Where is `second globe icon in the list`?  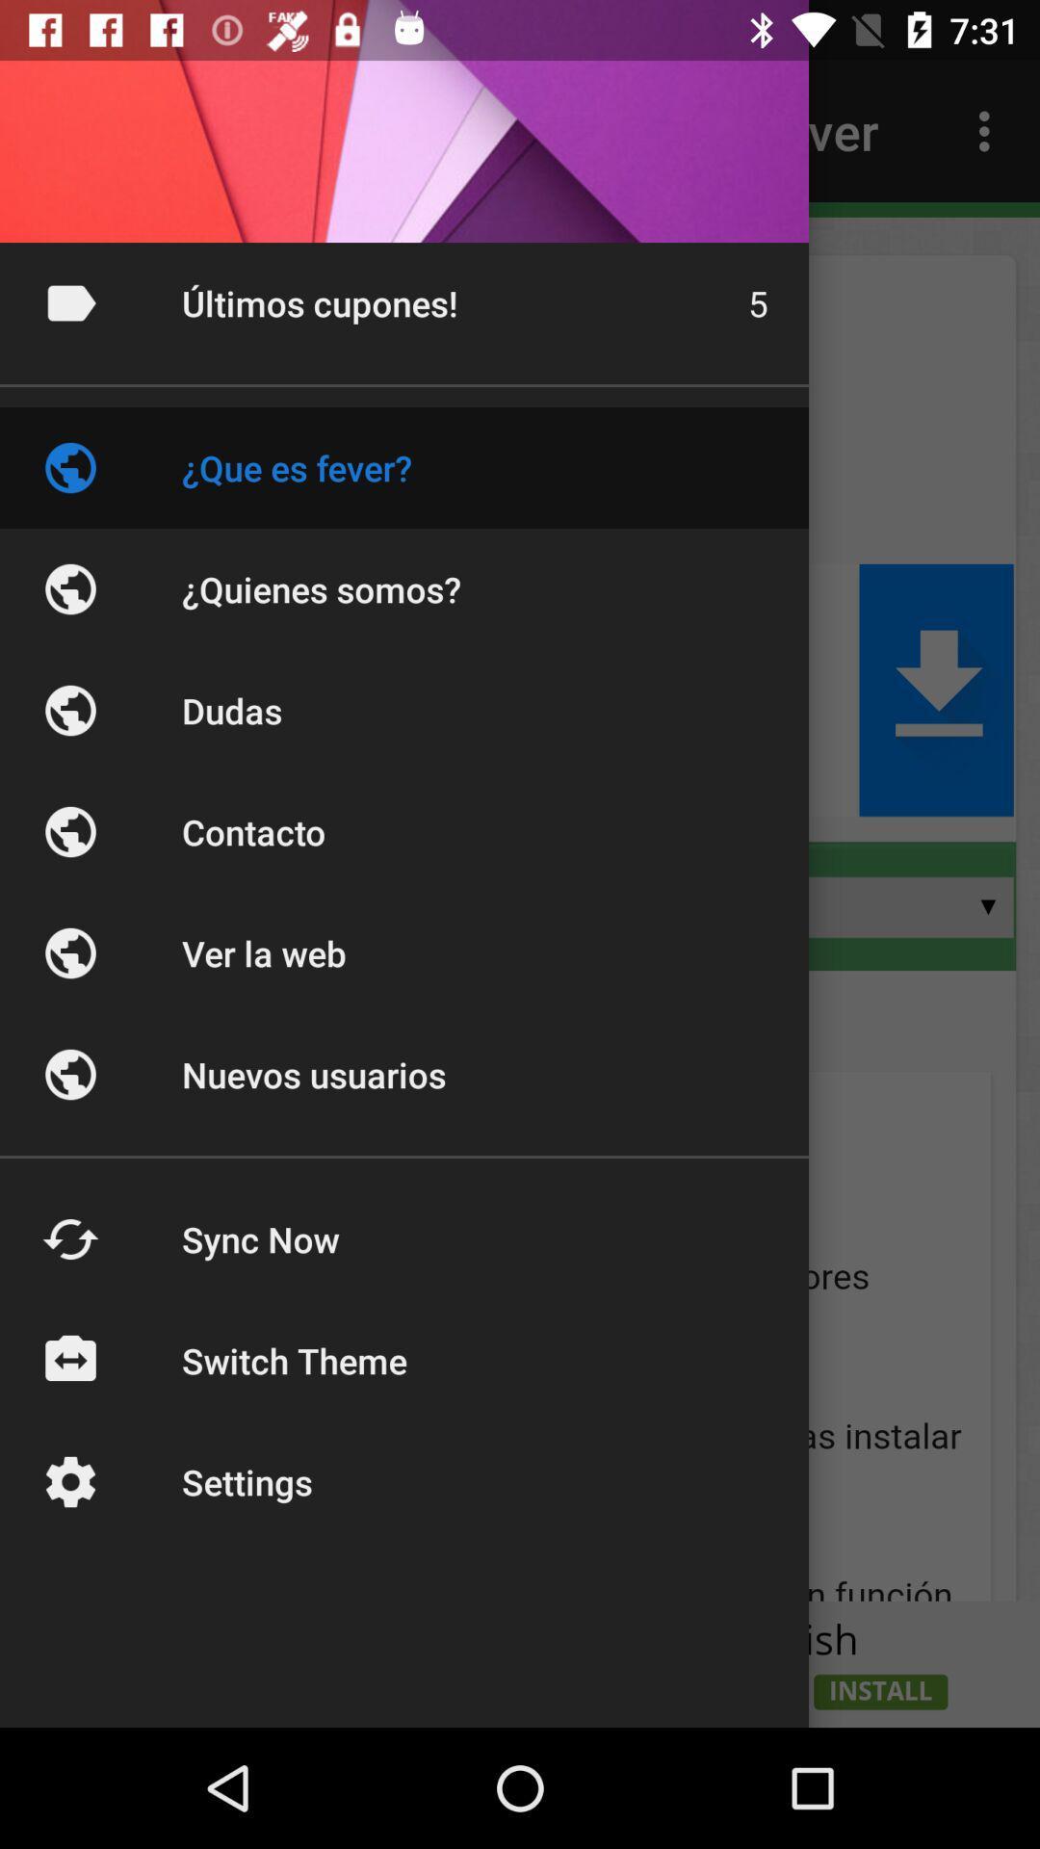 second globe icon in the list is located at coordinates (69, 587).